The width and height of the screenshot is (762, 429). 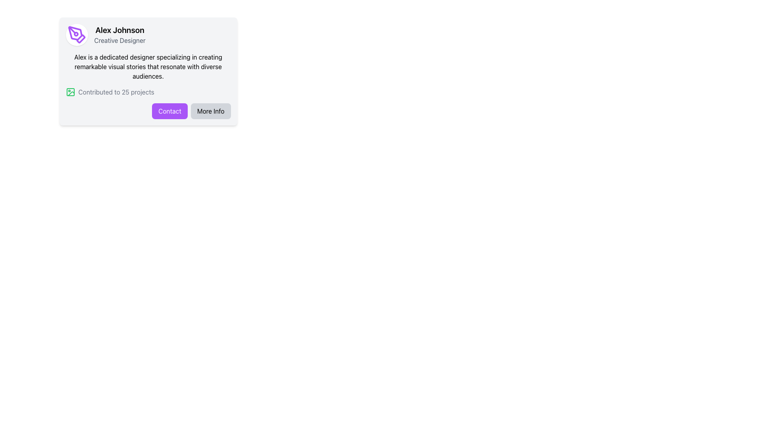 What do you see at coordinates (148, 35) in the screenshot?
I see `the Profile Header text containing the name 'Alex Johnson' and title 'Creative Designer' for reading` at bounding box center [148, 35].